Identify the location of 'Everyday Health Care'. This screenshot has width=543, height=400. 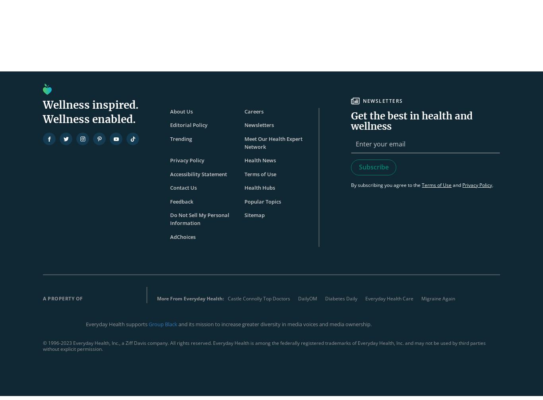
(365, 298).